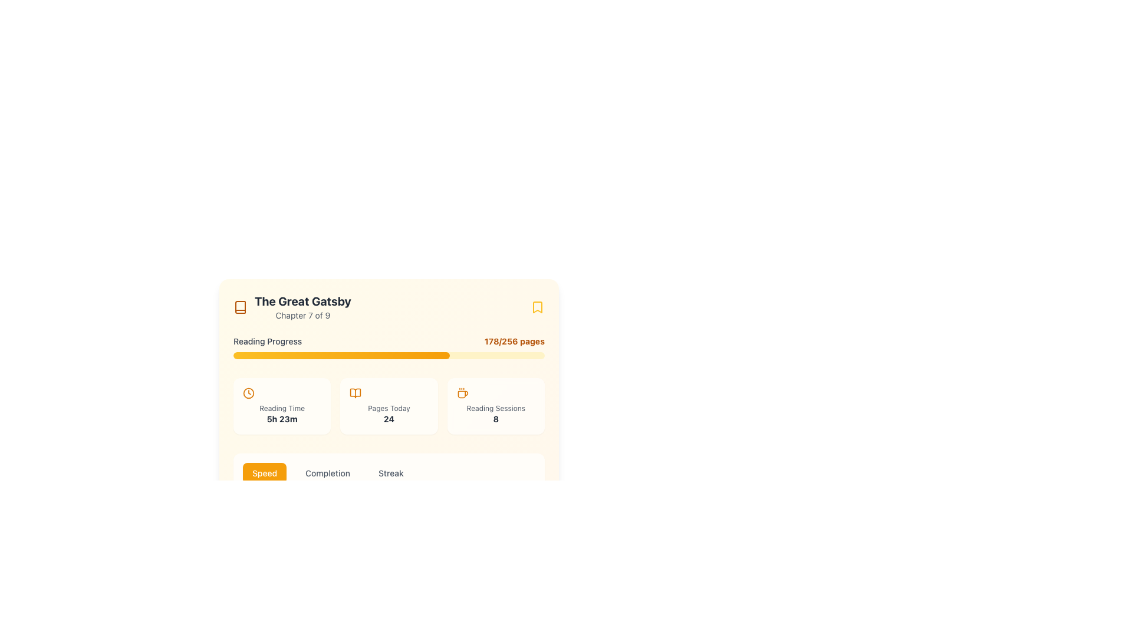 Image resolution: width=1132 pixels, height=636 pixels. Describe the element at coordinates (391, 472) in the screenshot. I see `the 'Streak' button, which is the third button in a group of three horizontal buttons labeled 'Speed,' 'Completion,' and 'Streak', located below the main reading progress section` at that location.